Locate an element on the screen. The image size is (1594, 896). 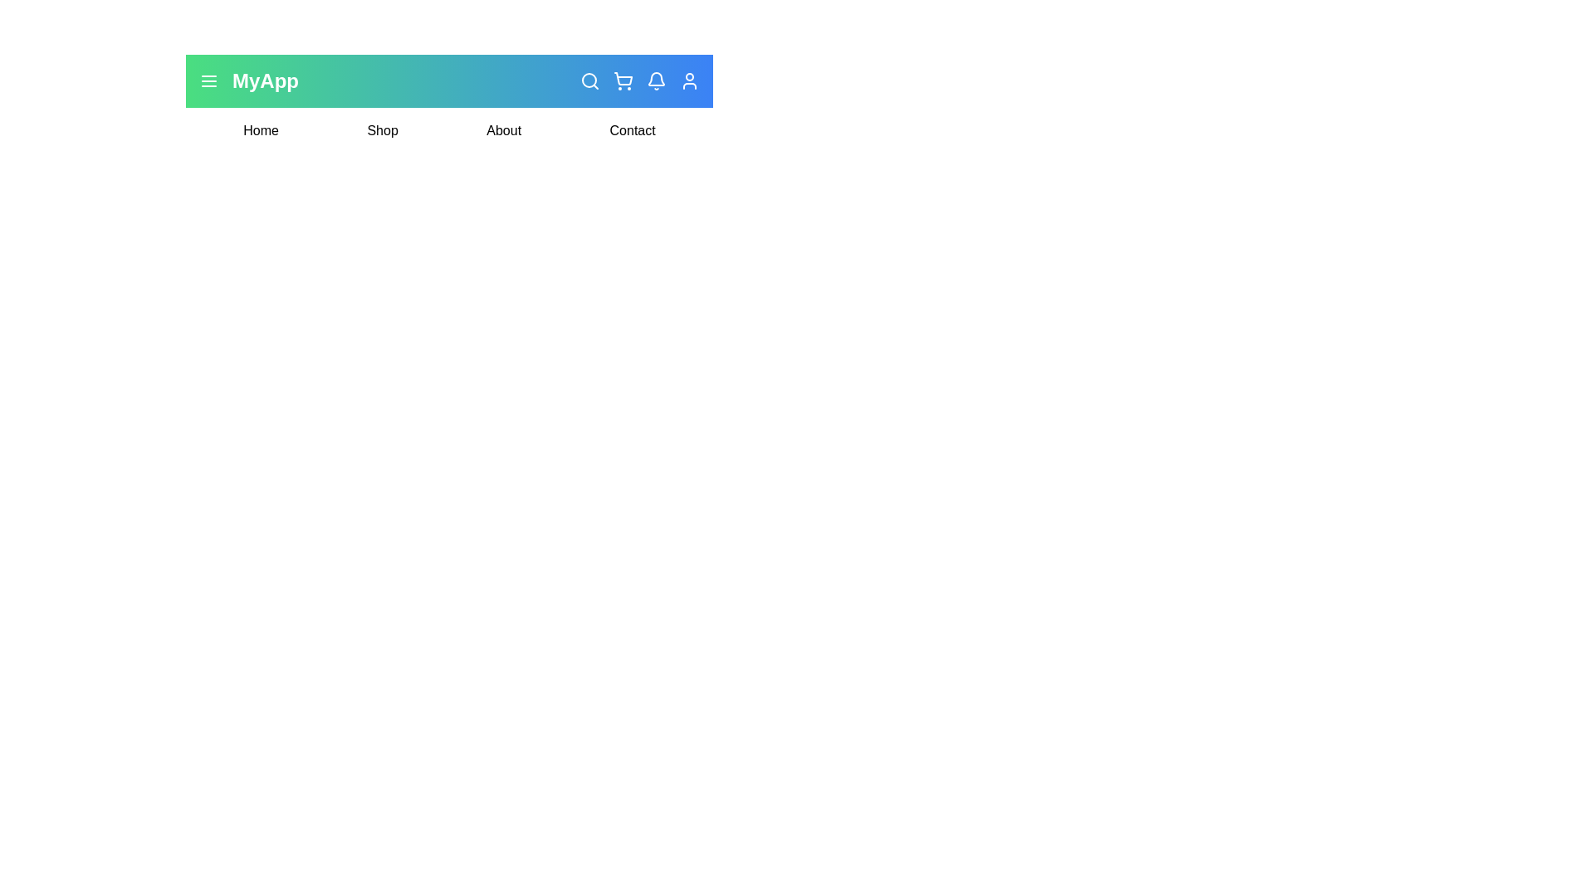
the Contact navigation link to navigate to that section is located at coordinates (632, 130).